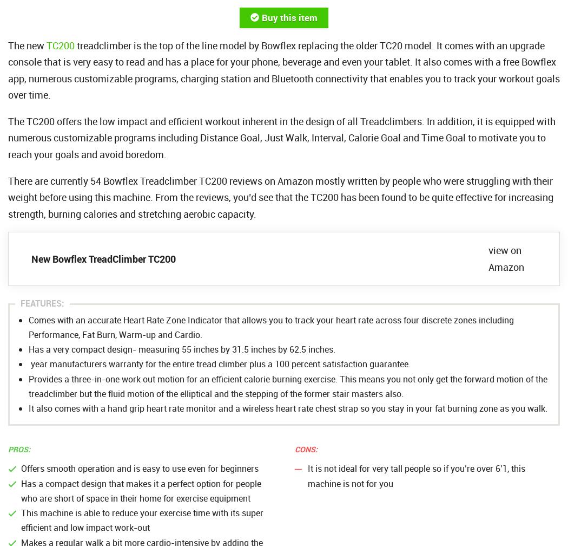 This screenshot has width=568, height=546. I want to click on 'This machine is able to reduce your exercise time with its super efficient and low impact work-out', so click(142, 520).